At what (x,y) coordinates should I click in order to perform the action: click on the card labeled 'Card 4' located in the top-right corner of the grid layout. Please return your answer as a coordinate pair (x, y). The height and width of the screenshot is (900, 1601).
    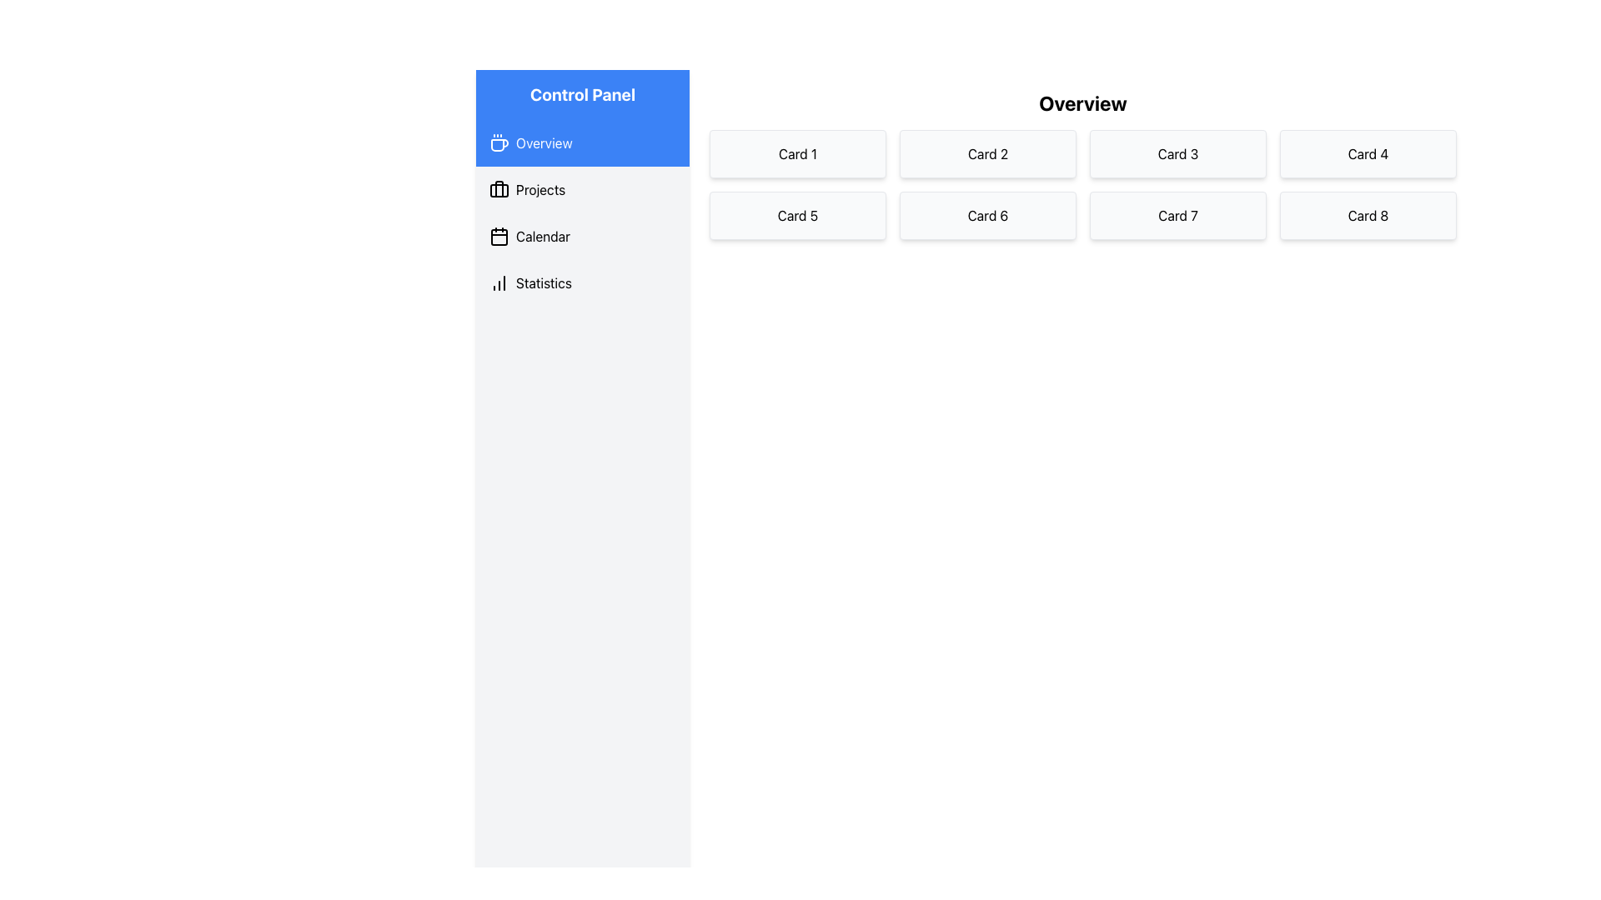
    Looking at the image, I should click on (1368, 154).